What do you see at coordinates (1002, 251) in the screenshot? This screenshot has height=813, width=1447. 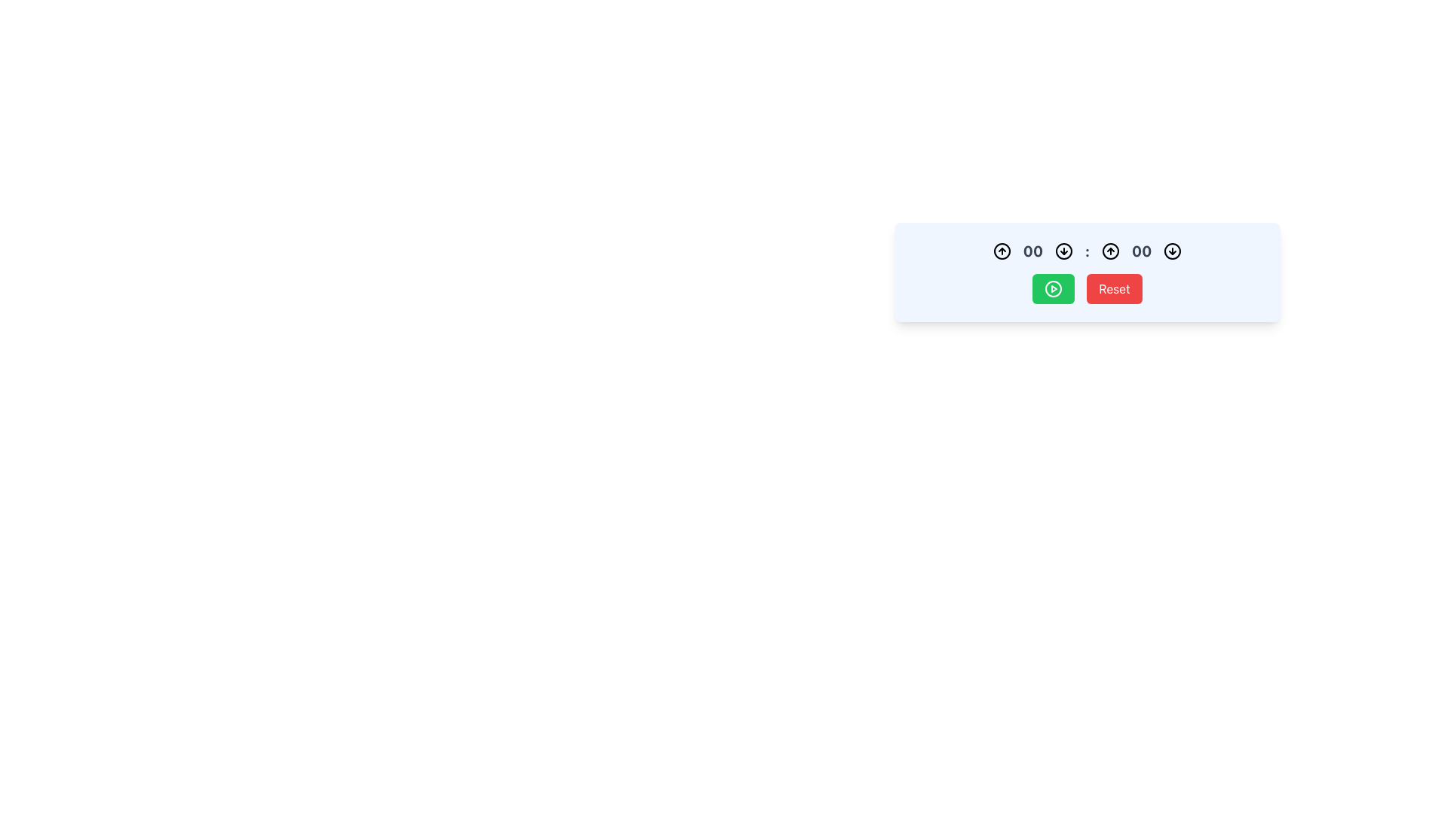 I see `the first circular button used to increment the hours in the time-setting interface` at bounding box center [1002, 251].